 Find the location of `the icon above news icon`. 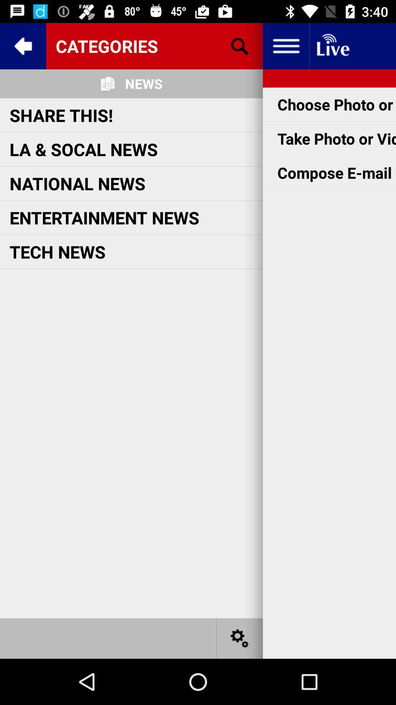

the icon above news icon is located at coordinates (154, 46).